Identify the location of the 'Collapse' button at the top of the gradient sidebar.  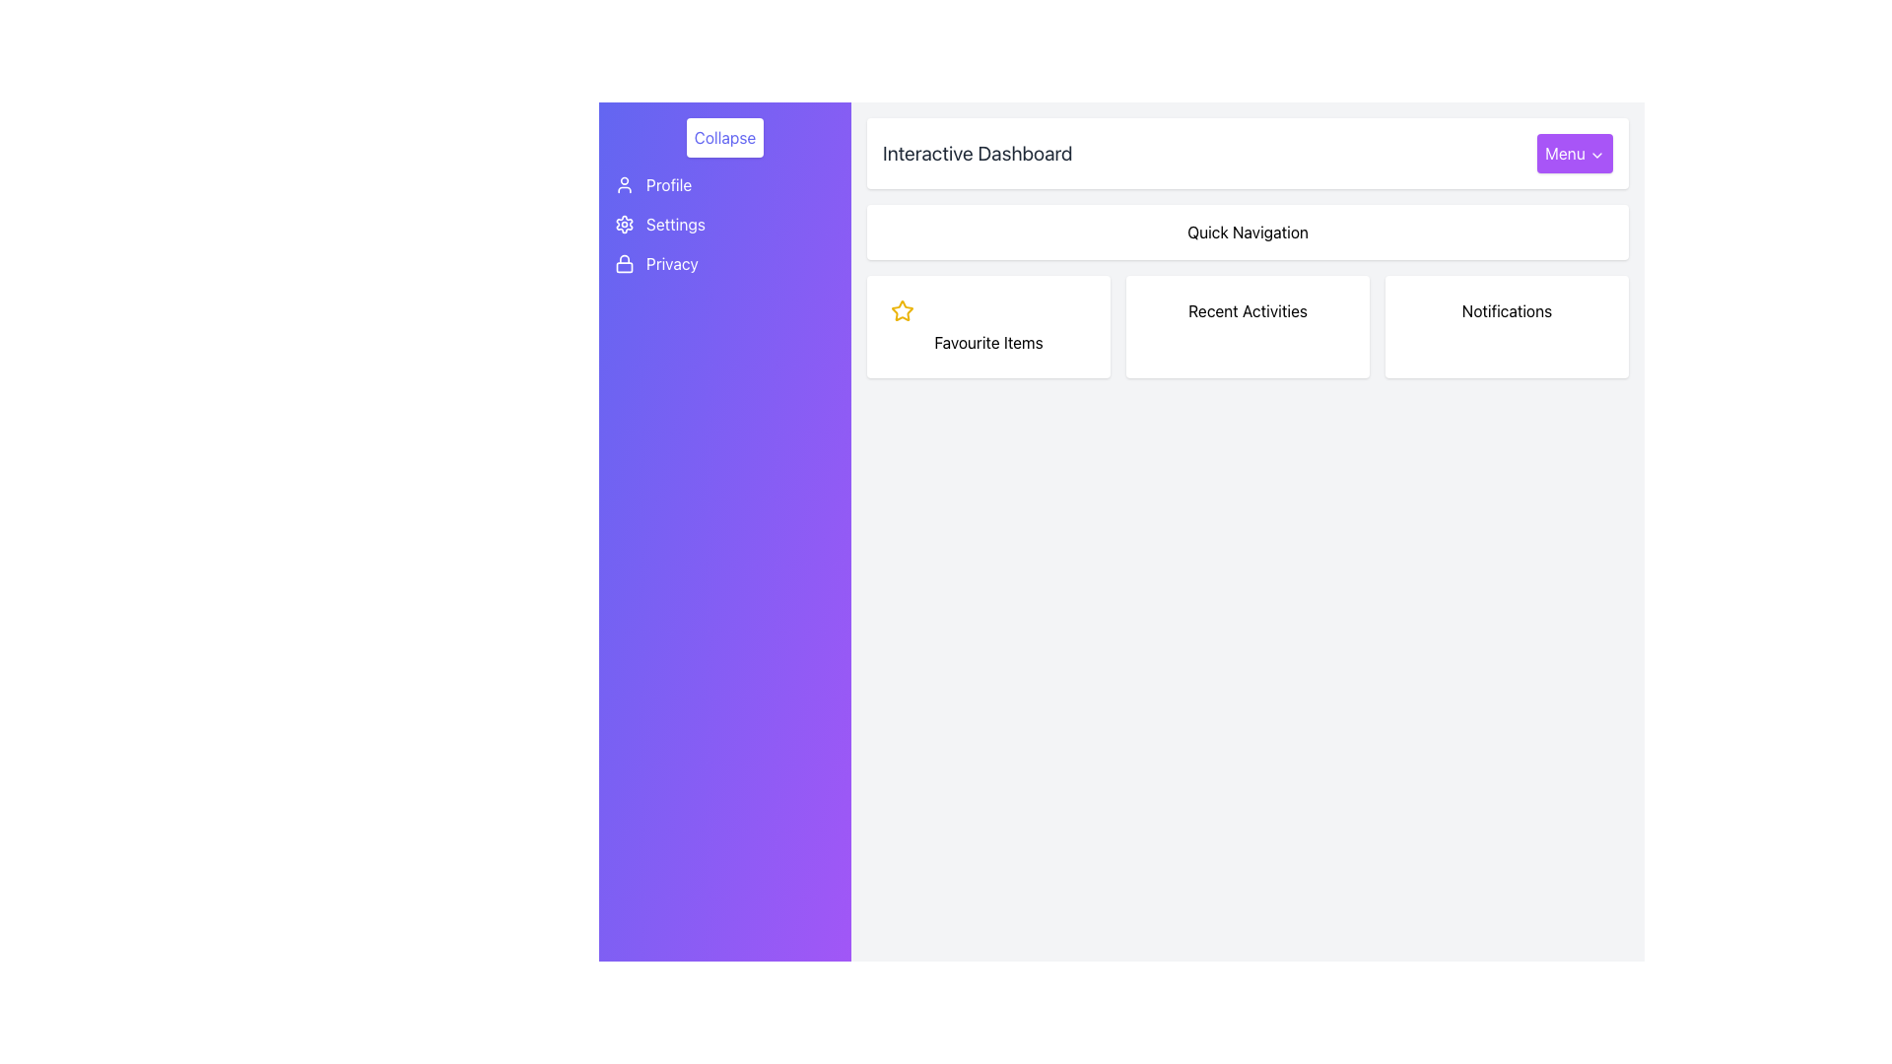
(723, 136).